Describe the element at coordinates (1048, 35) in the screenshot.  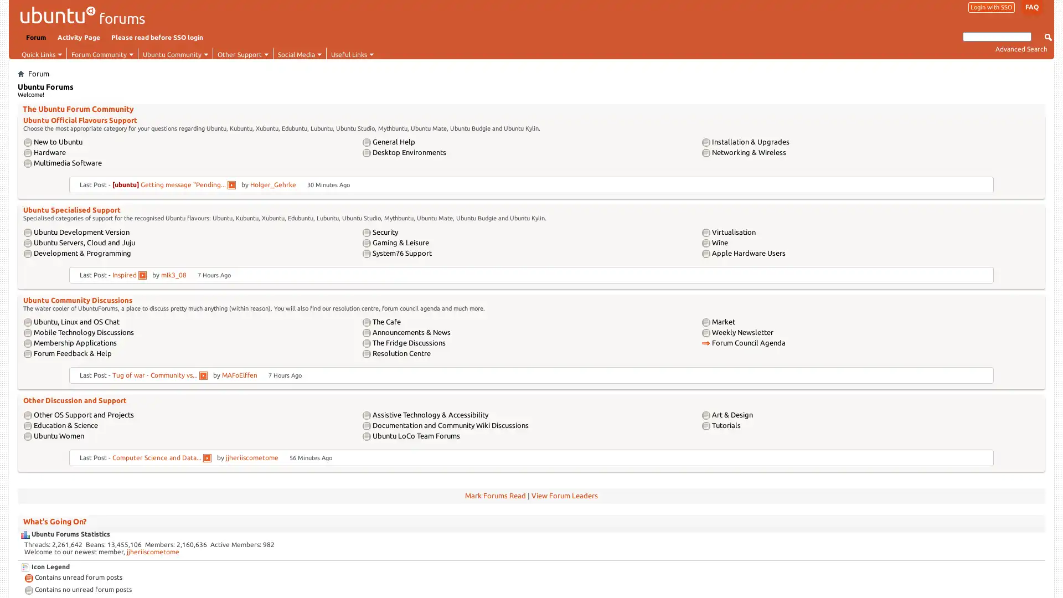
I see `Submit` at that location.